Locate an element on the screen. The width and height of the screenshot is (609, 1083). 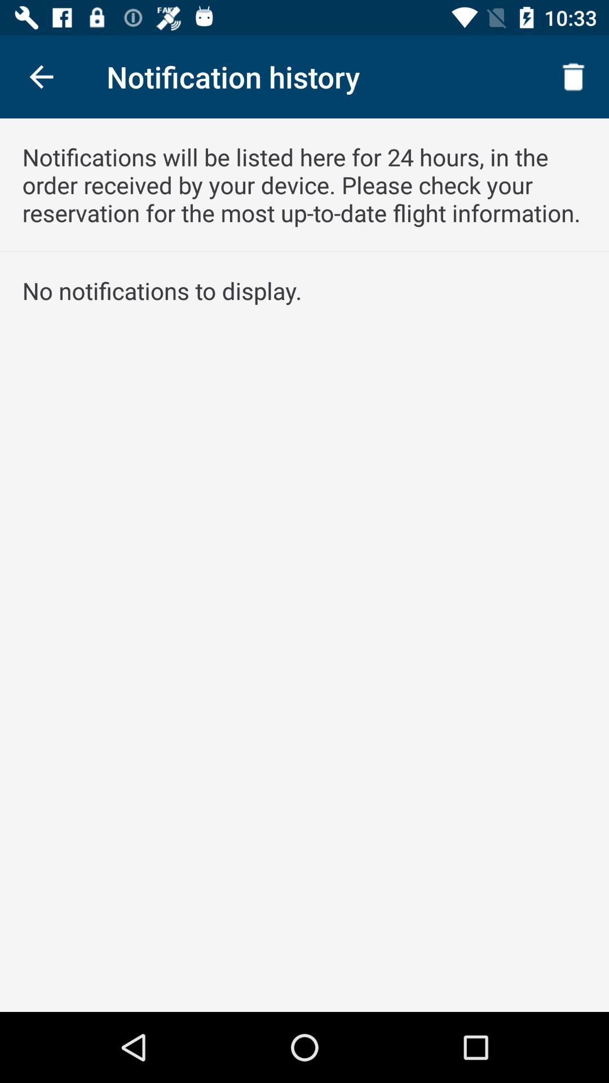
icon to the right of the notification history icon is located at coordinates (573, 76).